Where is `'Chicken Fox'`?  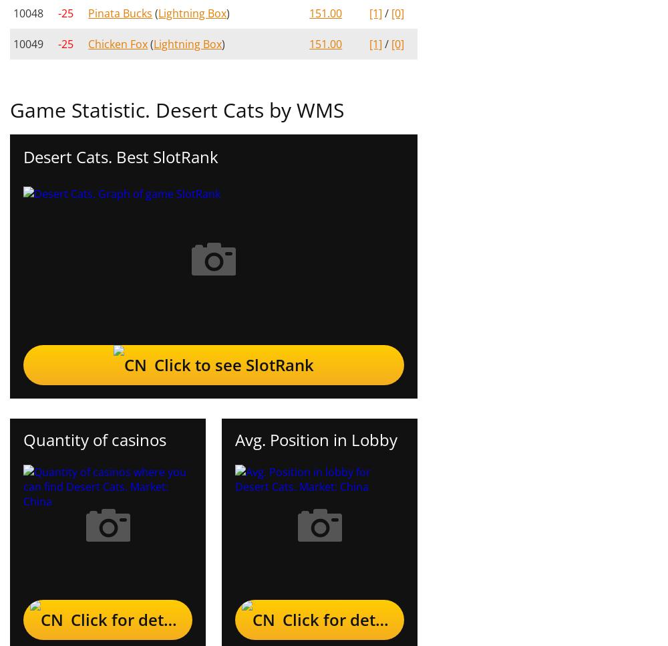
'Chicken Fox' is located at coordinates (118, 43).